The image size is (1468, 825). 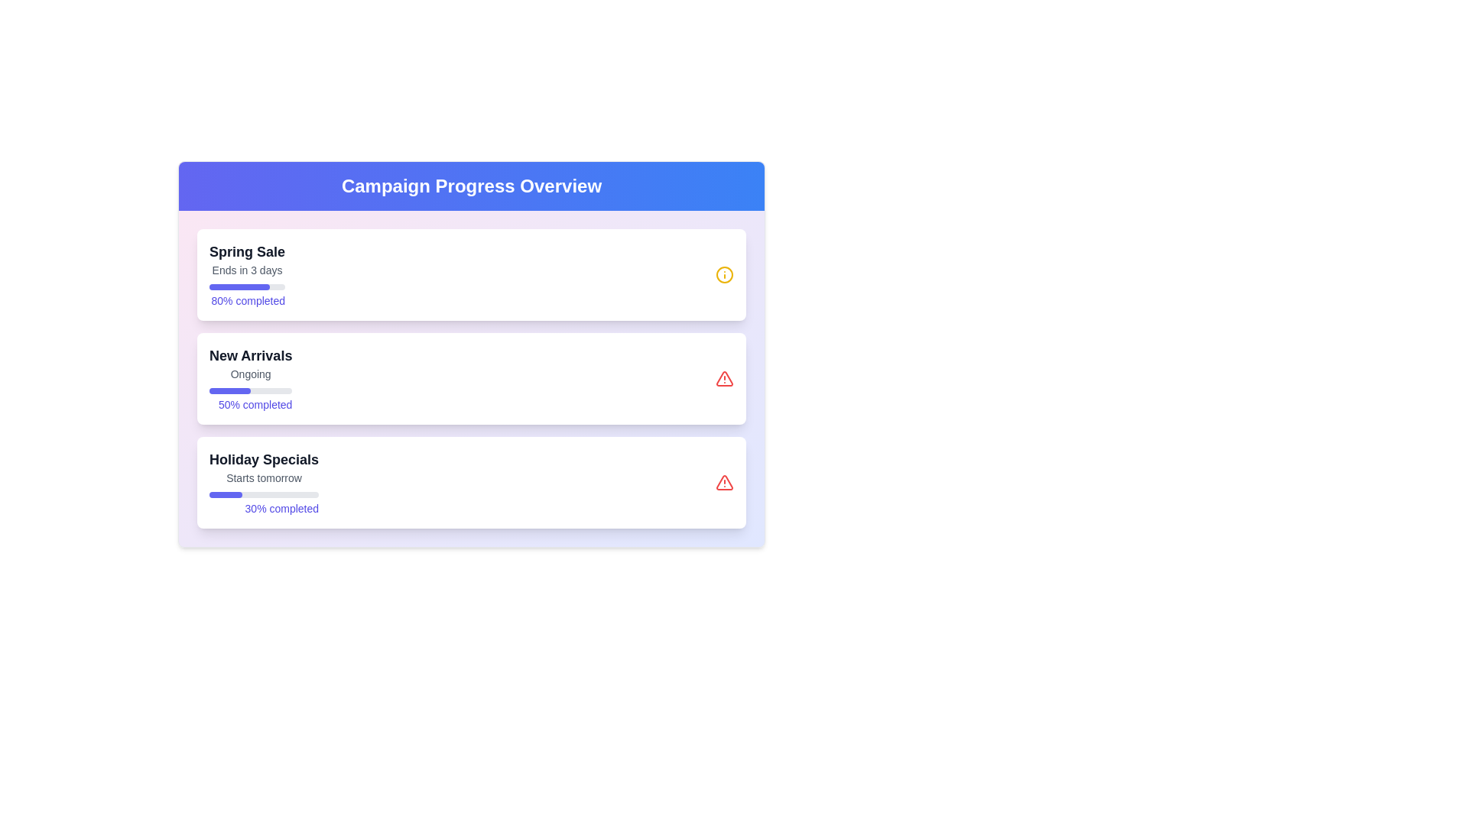 What do you see at coordinates (723, 378) in the screenshot?
I see `the triangular alert icon with an exclamation mark located at the center-right of the 'Holiday Specials' card in the 'Campaign Progress Overview' section` at bounding box center [723, 378].